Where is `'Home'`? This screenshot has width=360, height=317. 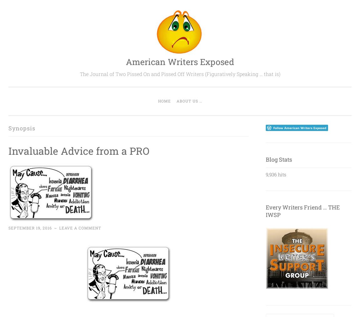
'Home' is located at coordinates (164, 101).